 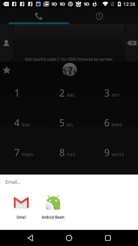 What do you see at coordinates (53, 219) in the screenshot?
I see `the icon to the right of gmail app` at bounding box center [53, 219].